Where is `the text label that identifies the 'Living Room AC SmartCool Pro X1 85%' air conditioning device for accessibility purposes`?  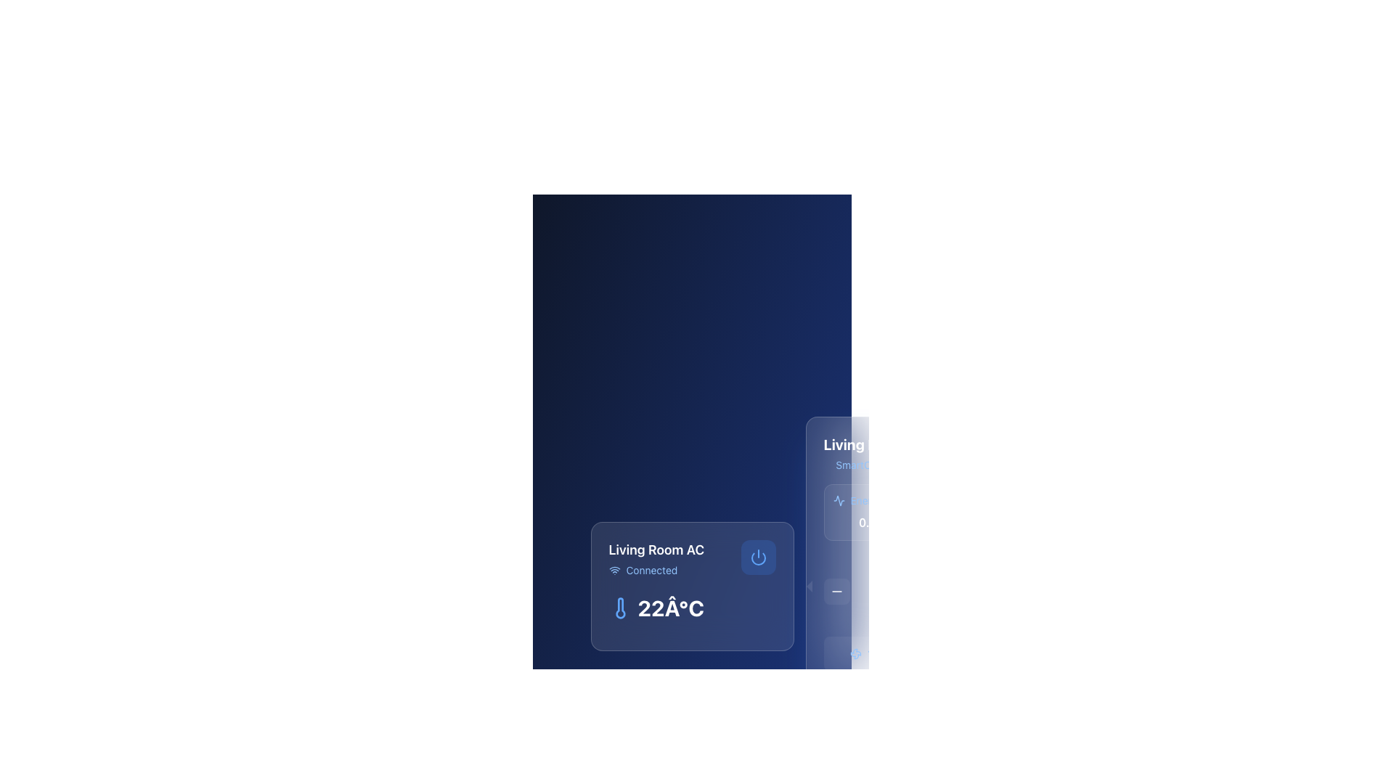
the text label that identifies the 'Living Room AC SmartCool Pro X1 85%' air conditioning device for accessibility purposes is located at coordinates (943, 452).